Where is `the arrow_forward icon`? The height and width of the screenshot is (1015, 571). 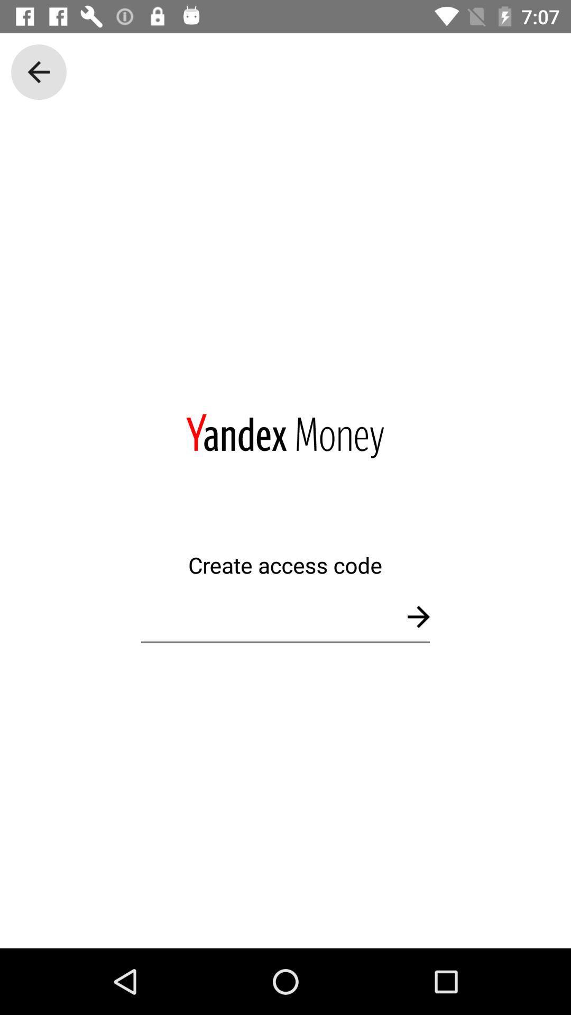 the arrow_forward icon is located at coordinates (418, 616).